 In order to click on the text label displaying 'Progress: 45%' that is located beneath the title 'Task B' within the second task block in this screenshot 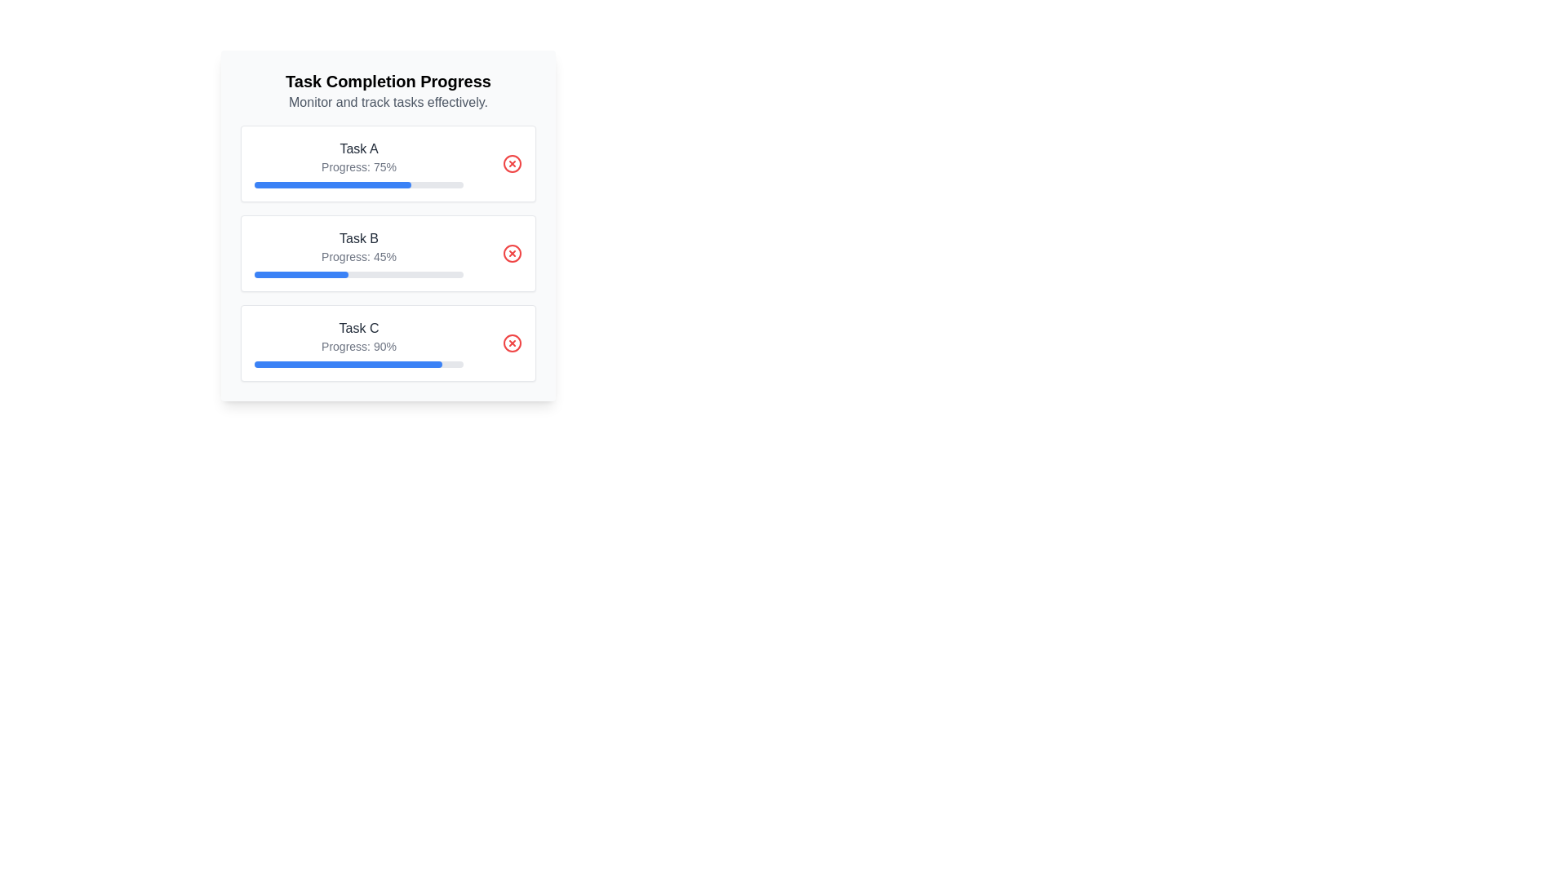, I will do `click(358, 257)`.